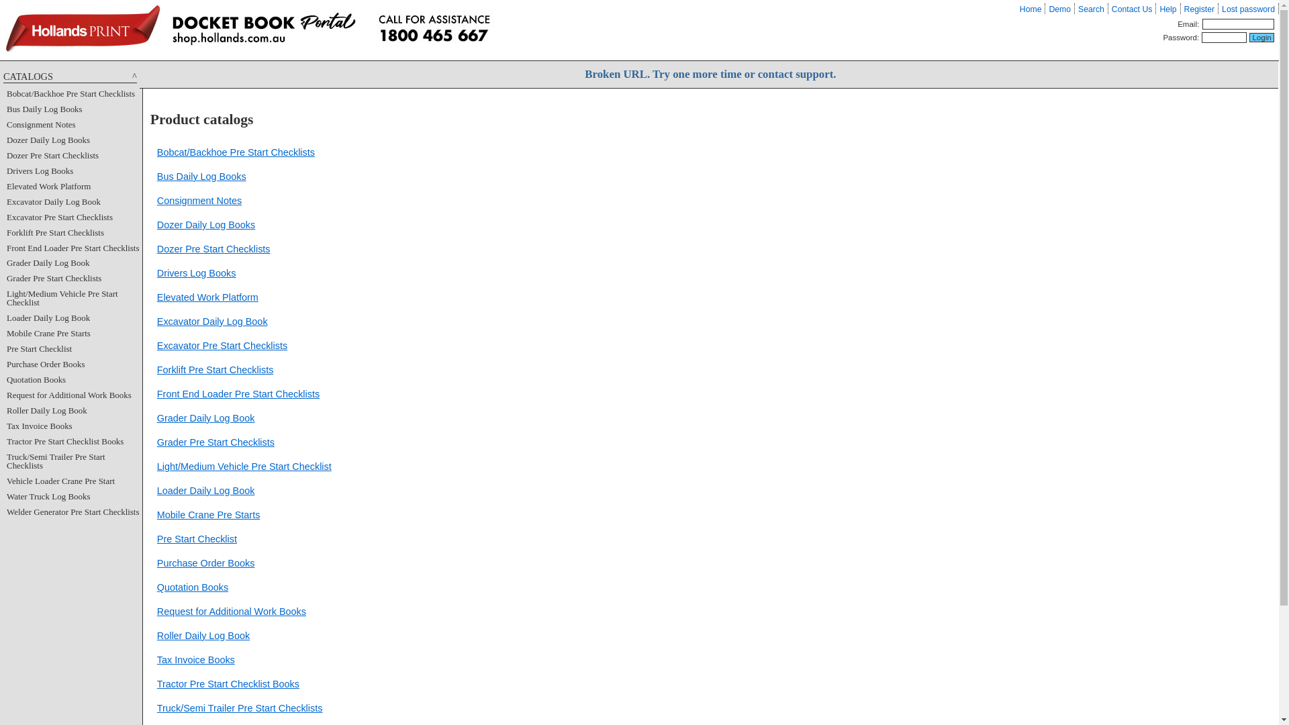 This screenshot has width=1289, height=725. What do you see at coordinates (40, 170) in the screenshot?
I see `'Drivers Log Books'` at bounding box center [40, 170].